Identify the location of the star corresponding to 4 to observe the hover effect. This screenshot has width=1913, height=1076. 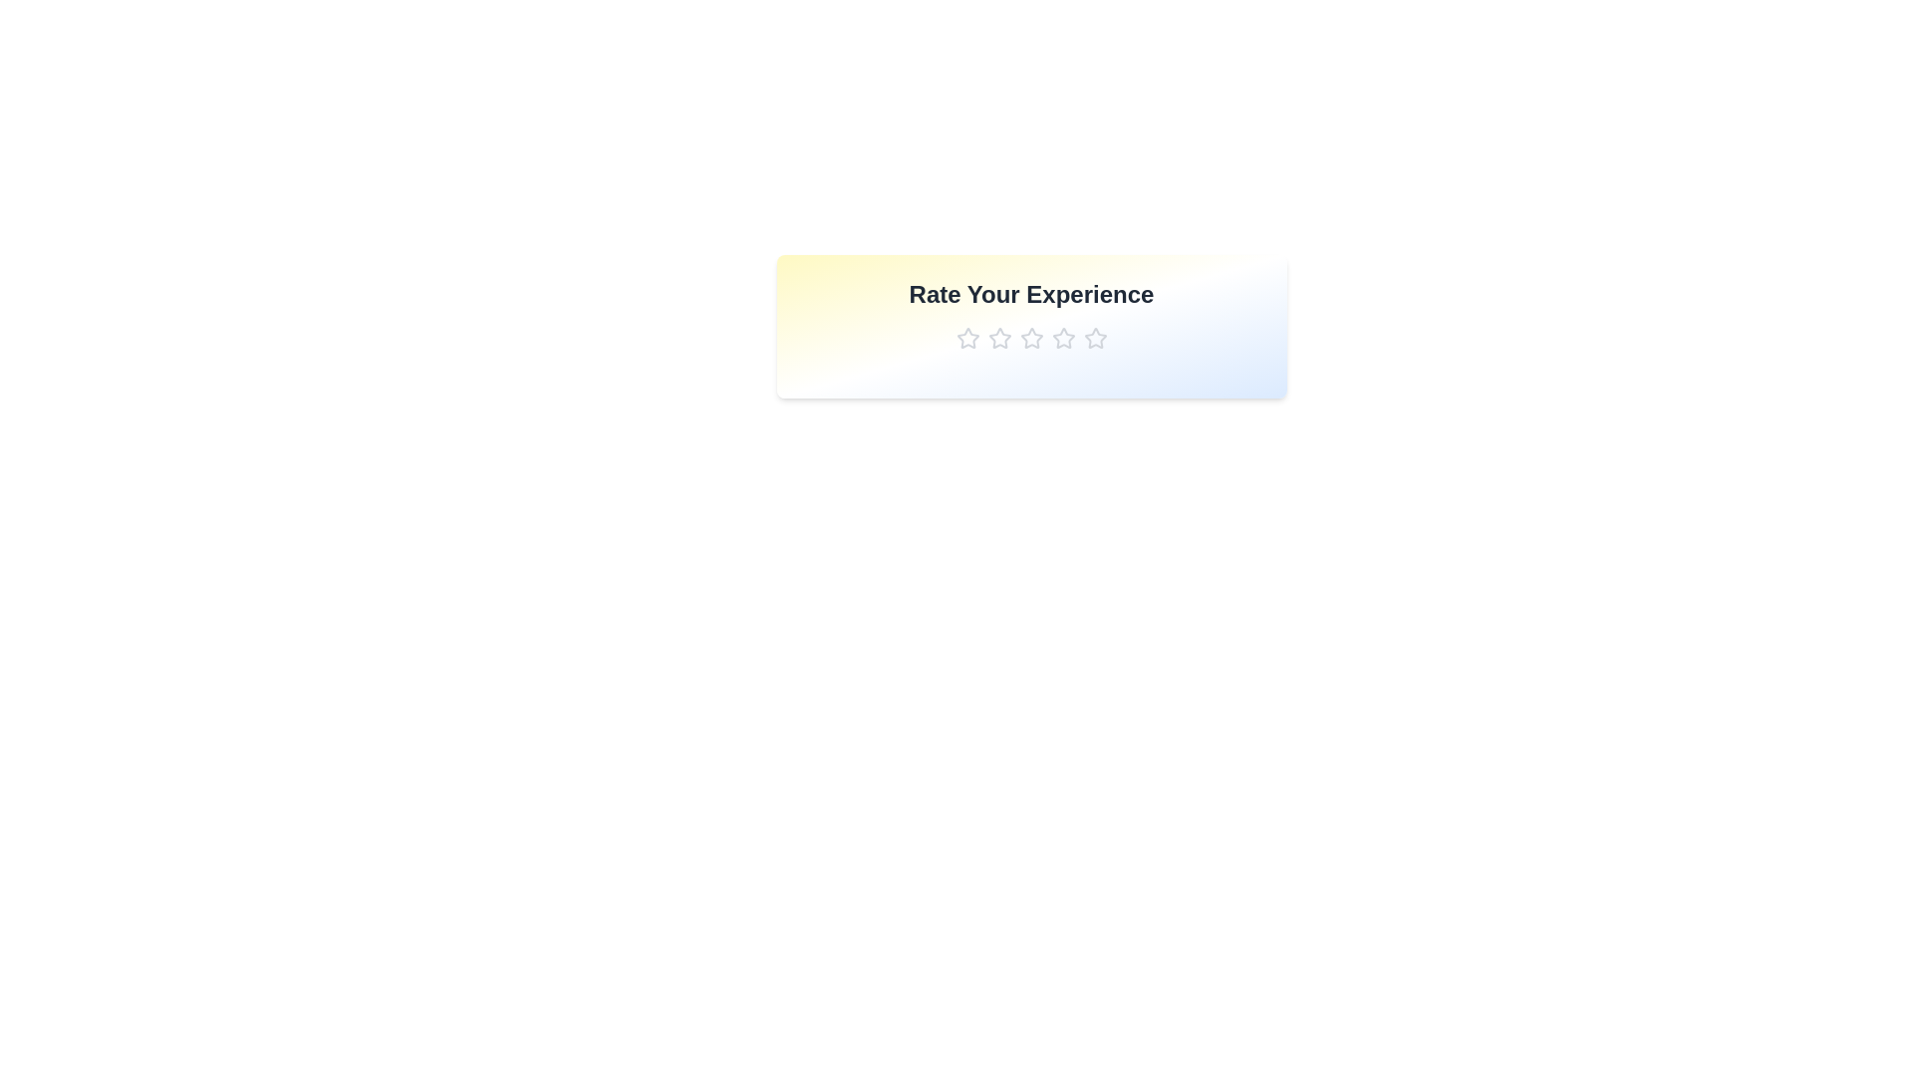
(1062, 337).